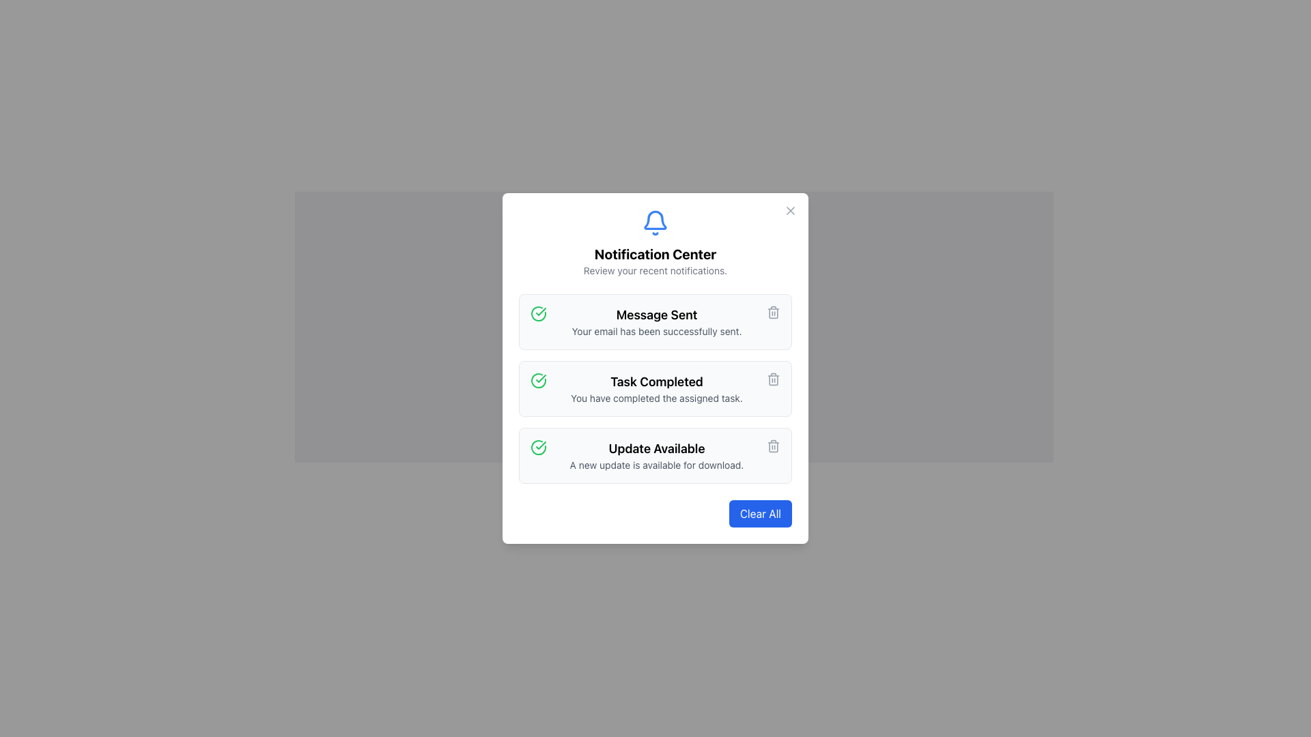  What do you see at coordinates (790, 210) in the screenshot?
I see `the minimalistic diagonal stroke slash icon located at the top-right corner of the notification dialog box, which is part of the close button` at bounding box center [790, 210].